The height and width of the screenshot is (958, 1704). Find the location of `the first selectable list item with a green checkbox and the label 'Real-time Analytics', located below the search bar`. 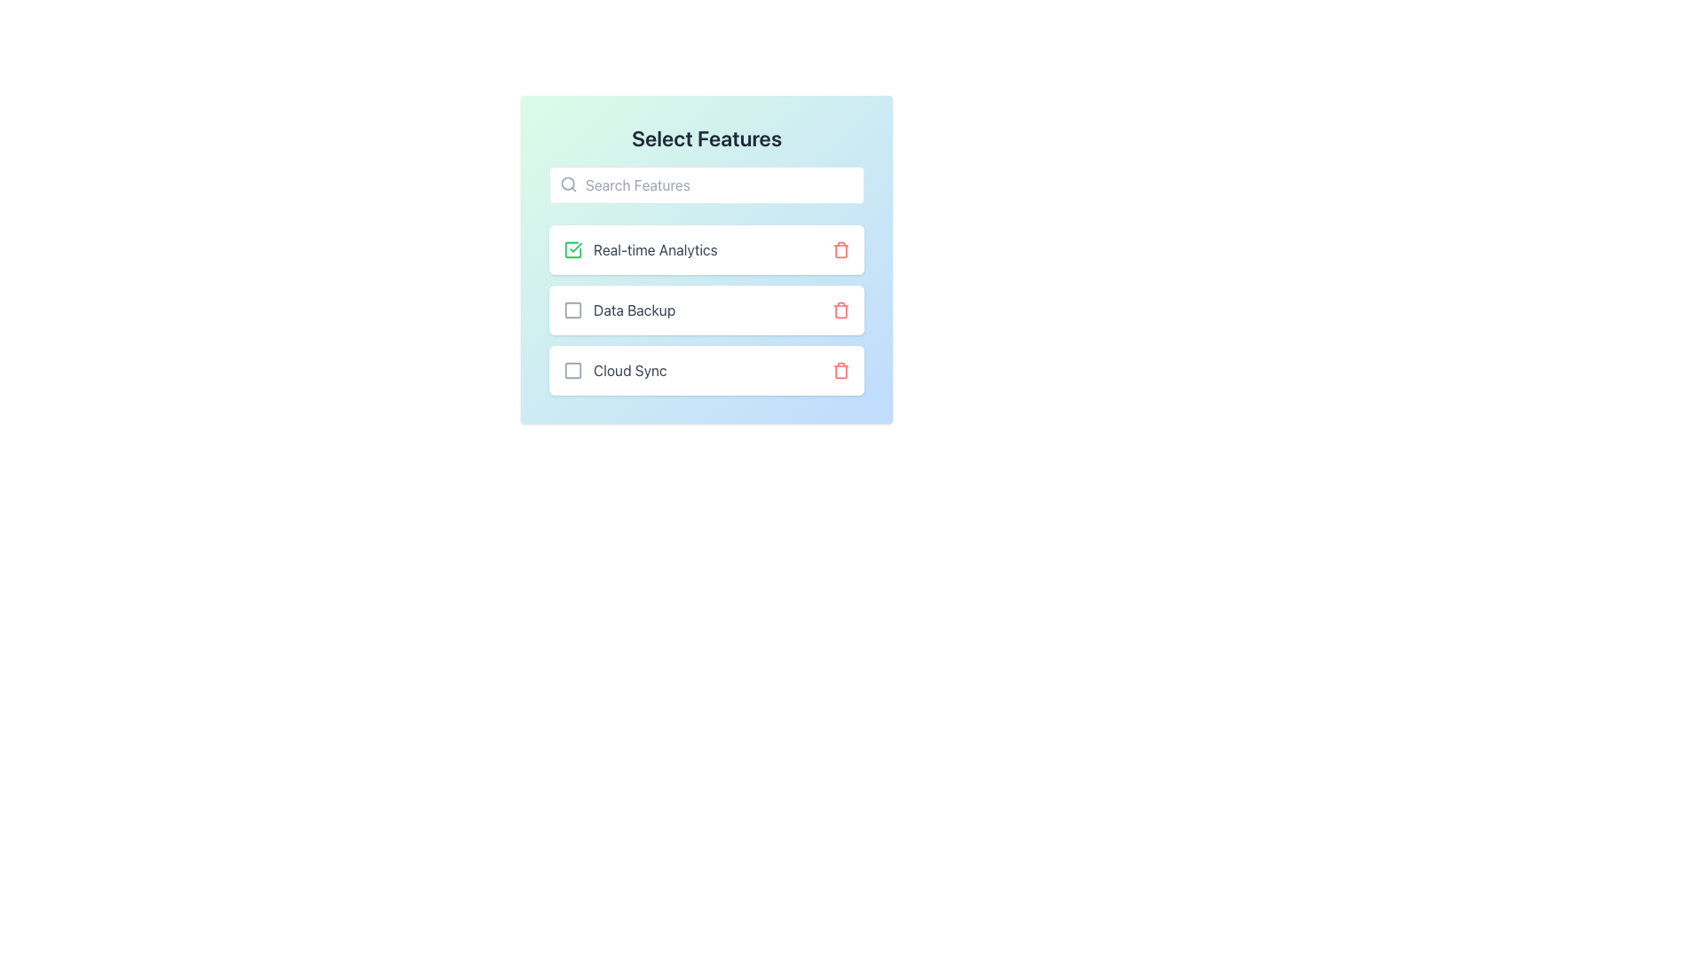

the first selectable list item with a green checkbox and the label 'Real-time Analytics', located below the search bar is located at coordinates (639, 249).